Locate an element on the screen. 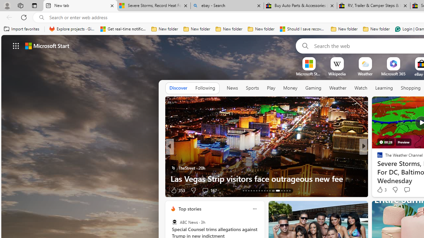 The image size is (424, 238). 'News' is located at coordinates (232, 88).